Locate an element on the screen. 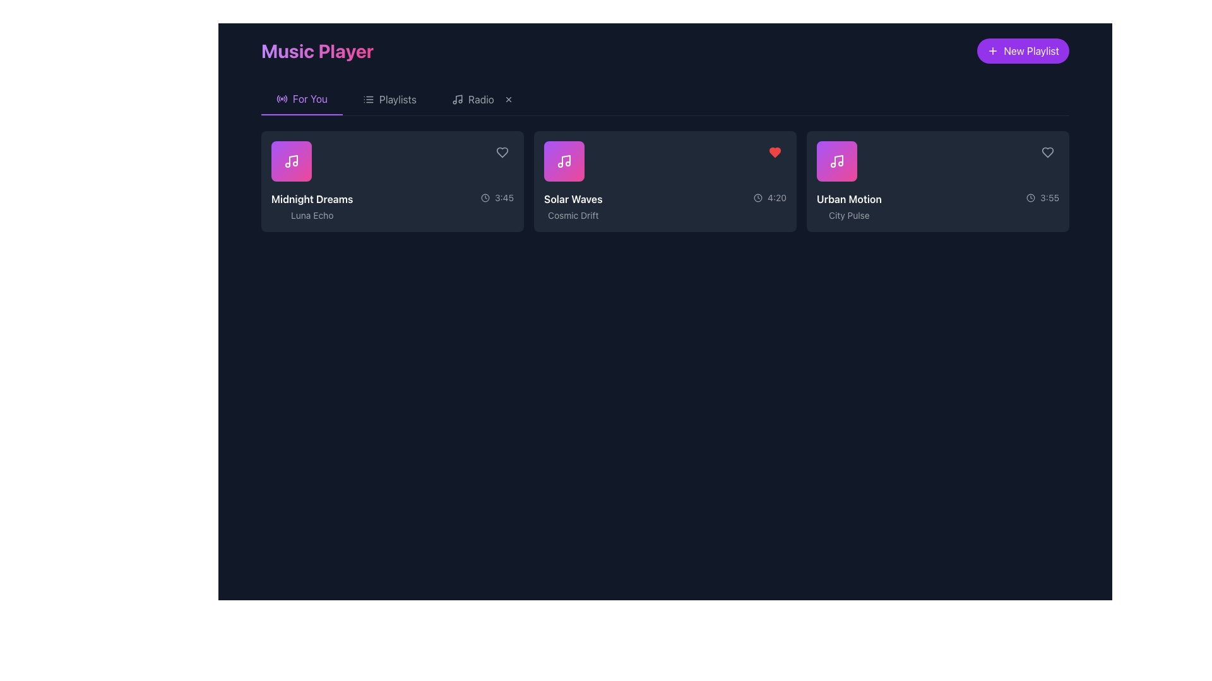 This screenshot has width=1212, height=681. the heart icon to mark the song 'Solar Waves' by Cosmic Drift as a favorite is located at coordinates (775, 152).